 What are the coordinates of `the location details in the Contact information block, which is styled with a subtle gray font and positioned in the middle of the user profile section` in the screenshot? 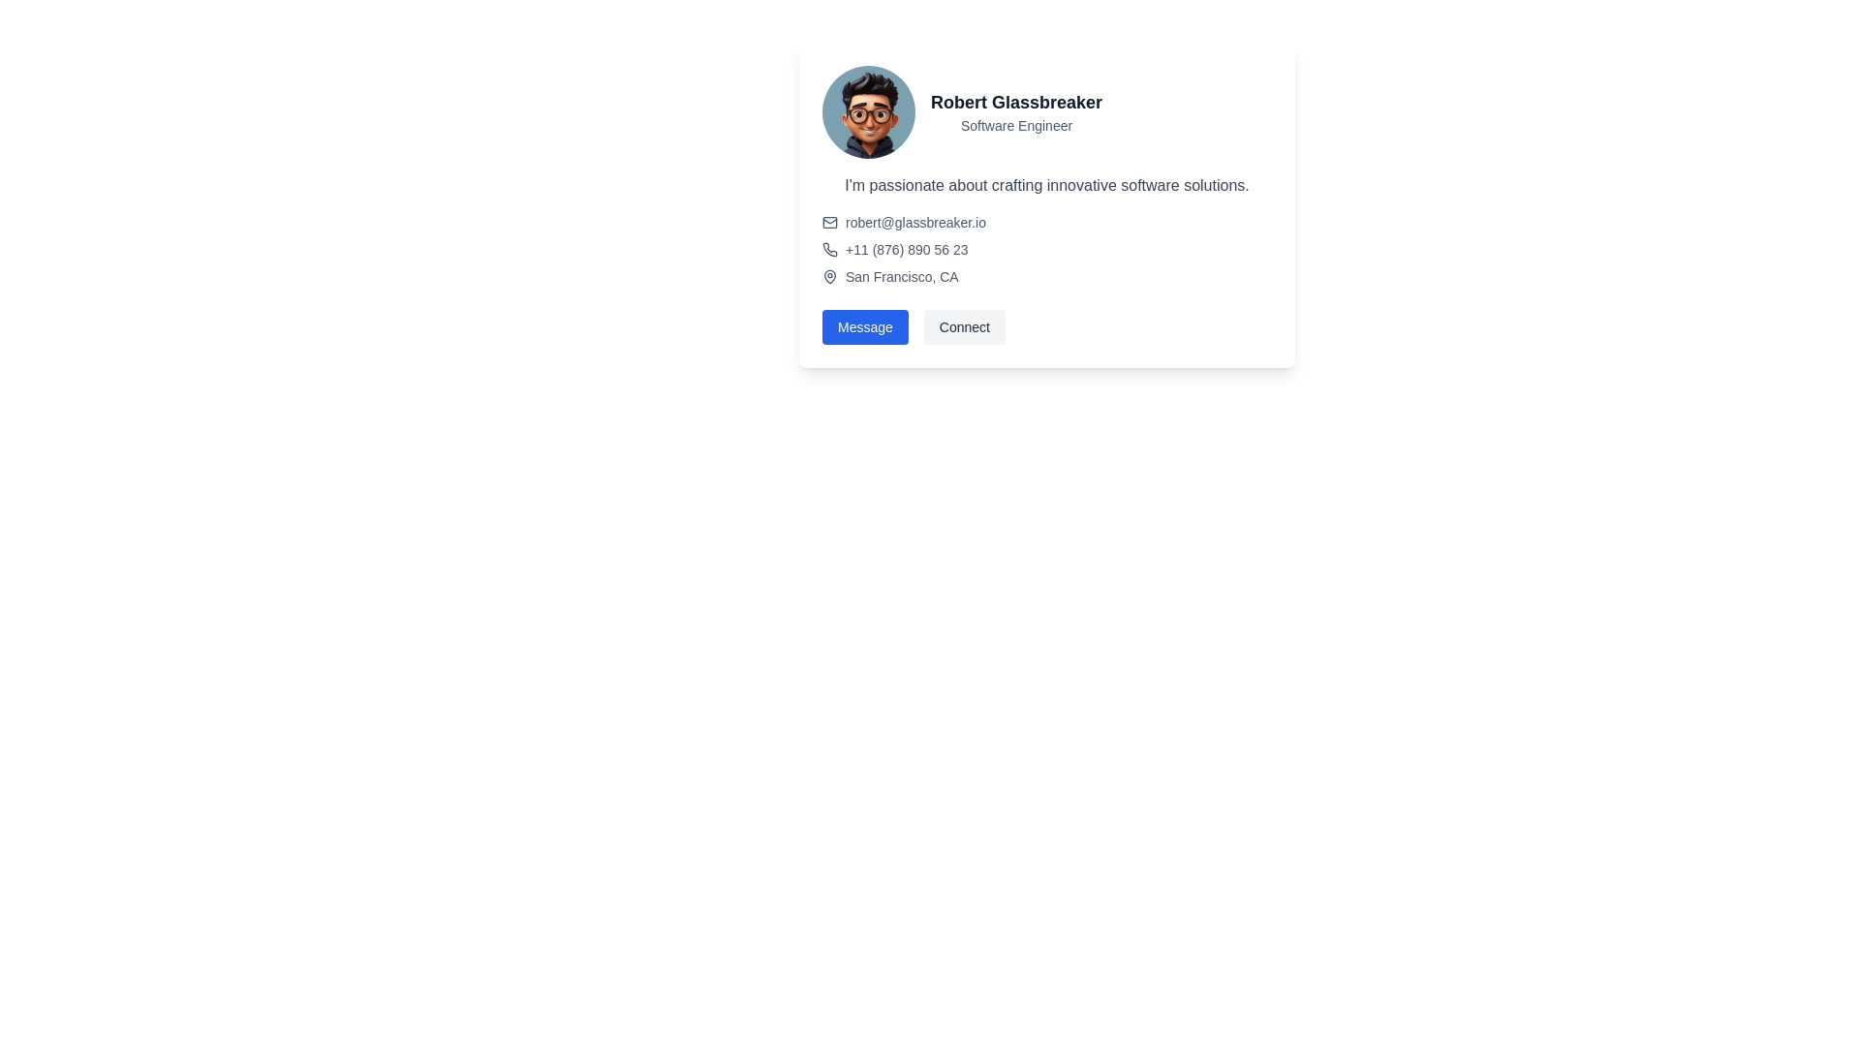 It's located at (1045, 249).